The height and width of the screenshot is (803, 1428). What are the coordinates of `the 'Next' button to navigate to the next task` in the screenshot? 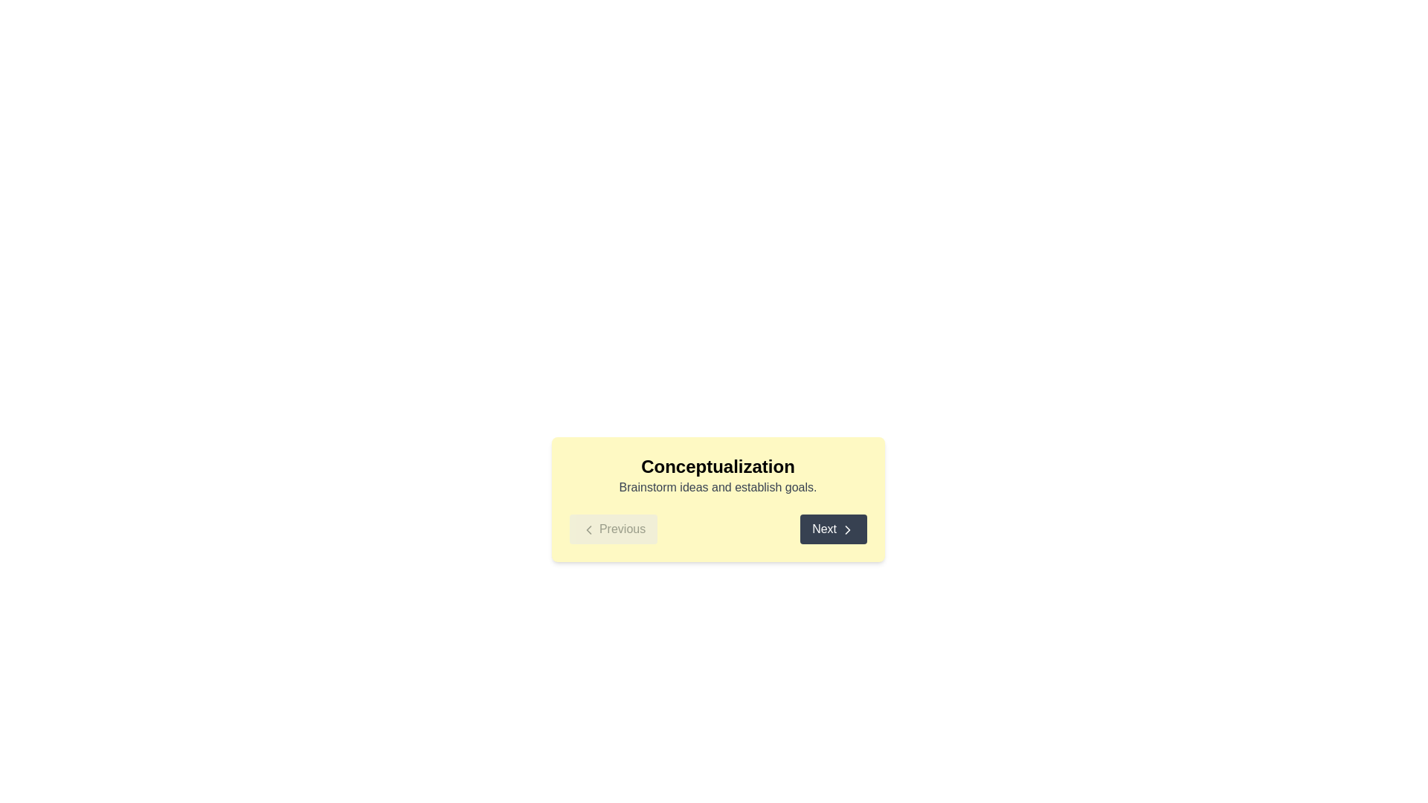 It's located at (832, 529).